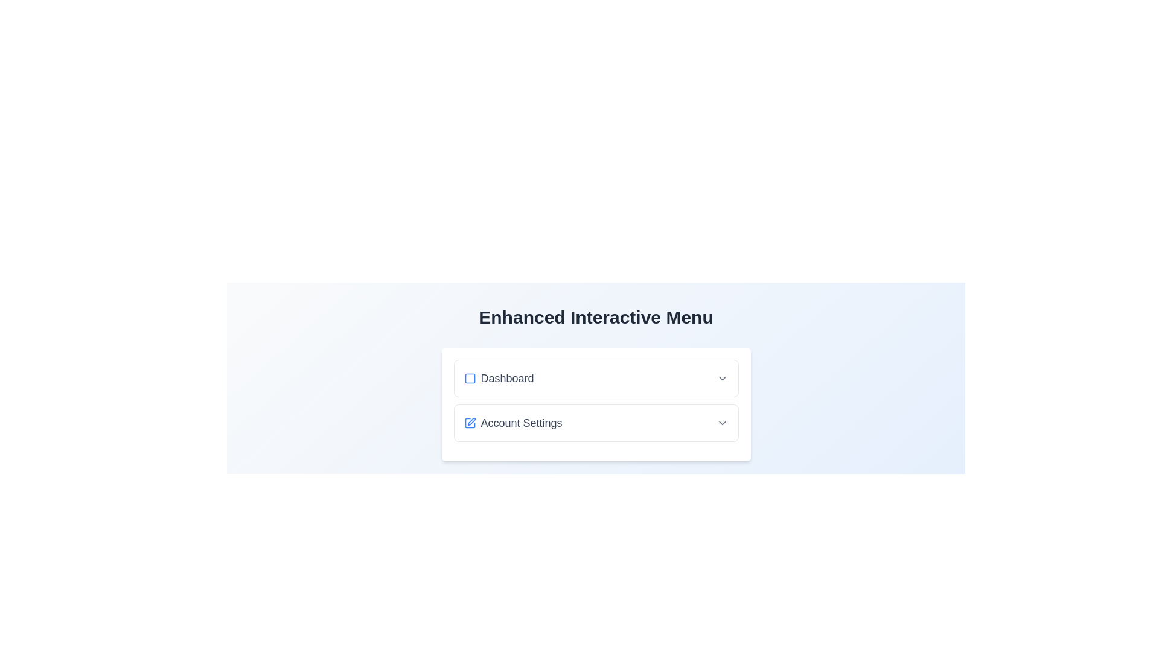 The width and height of the screenshot is (1159, 652). I want to click on the downward-pointing arrow icon in the 'Account Settings' row, so click(722, 423).